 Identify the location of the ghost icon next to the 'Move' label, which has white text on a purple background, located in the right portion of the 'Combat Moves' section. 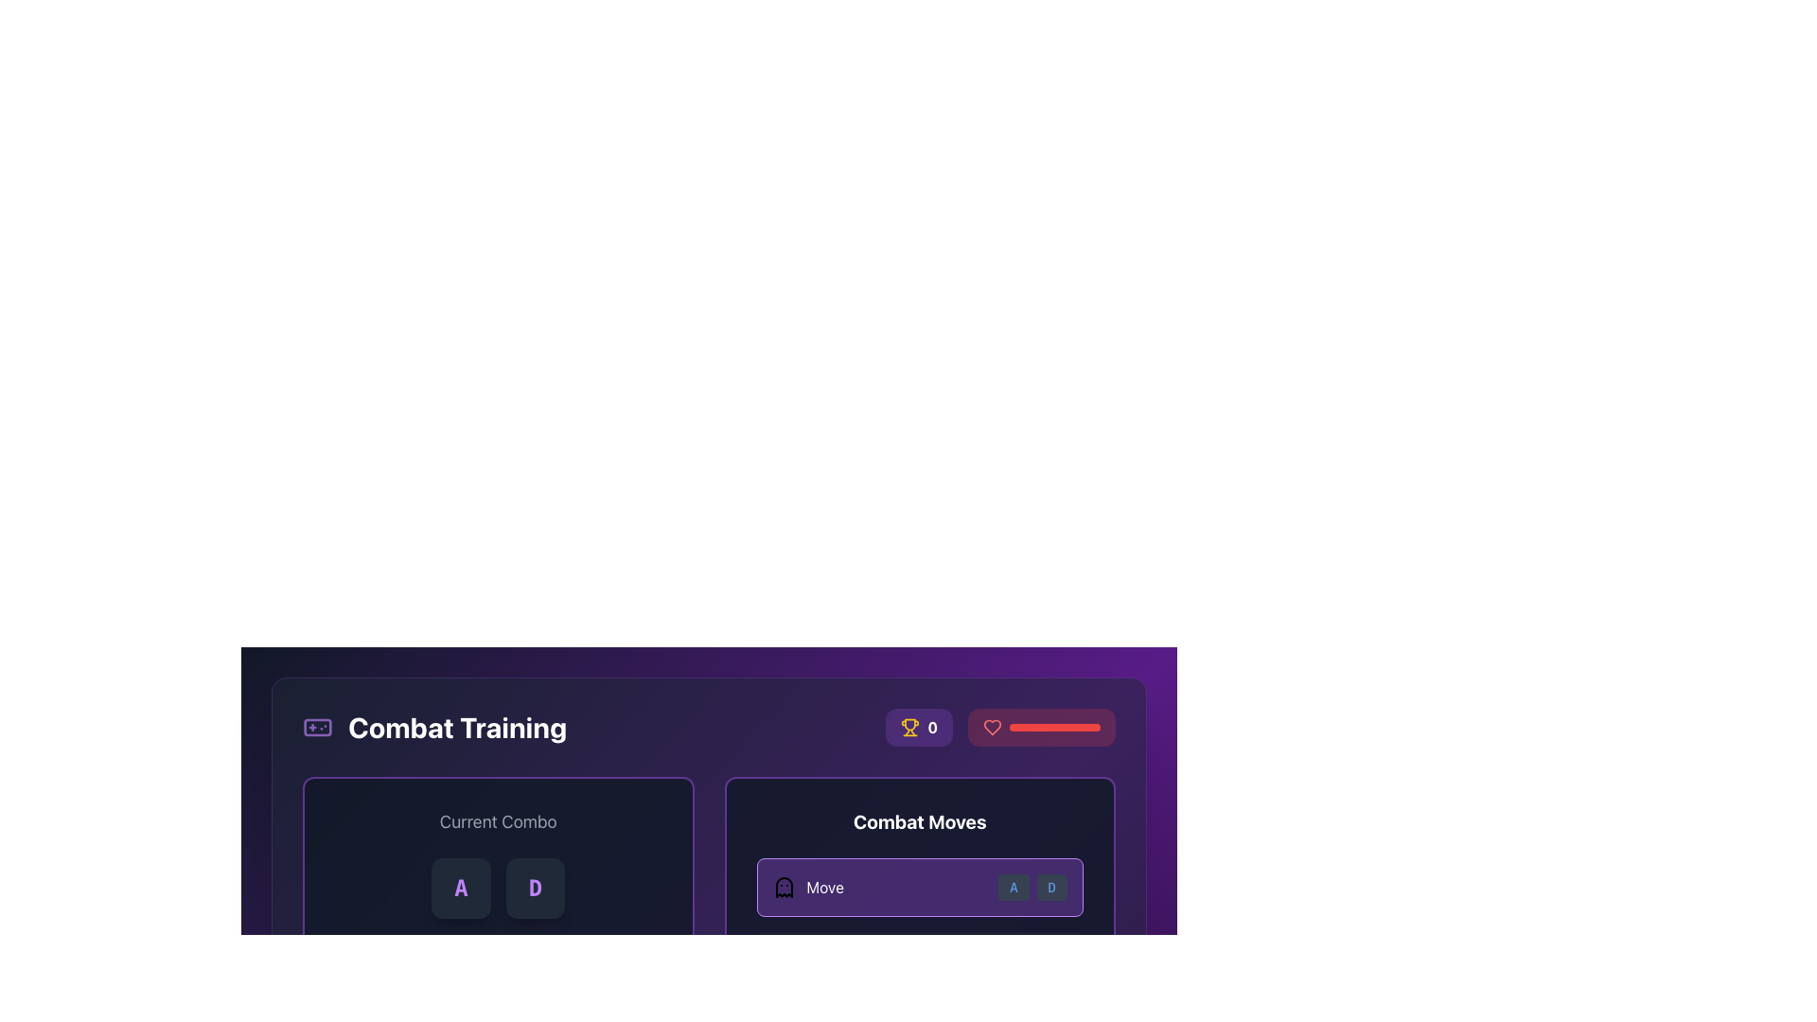
(808, 887).